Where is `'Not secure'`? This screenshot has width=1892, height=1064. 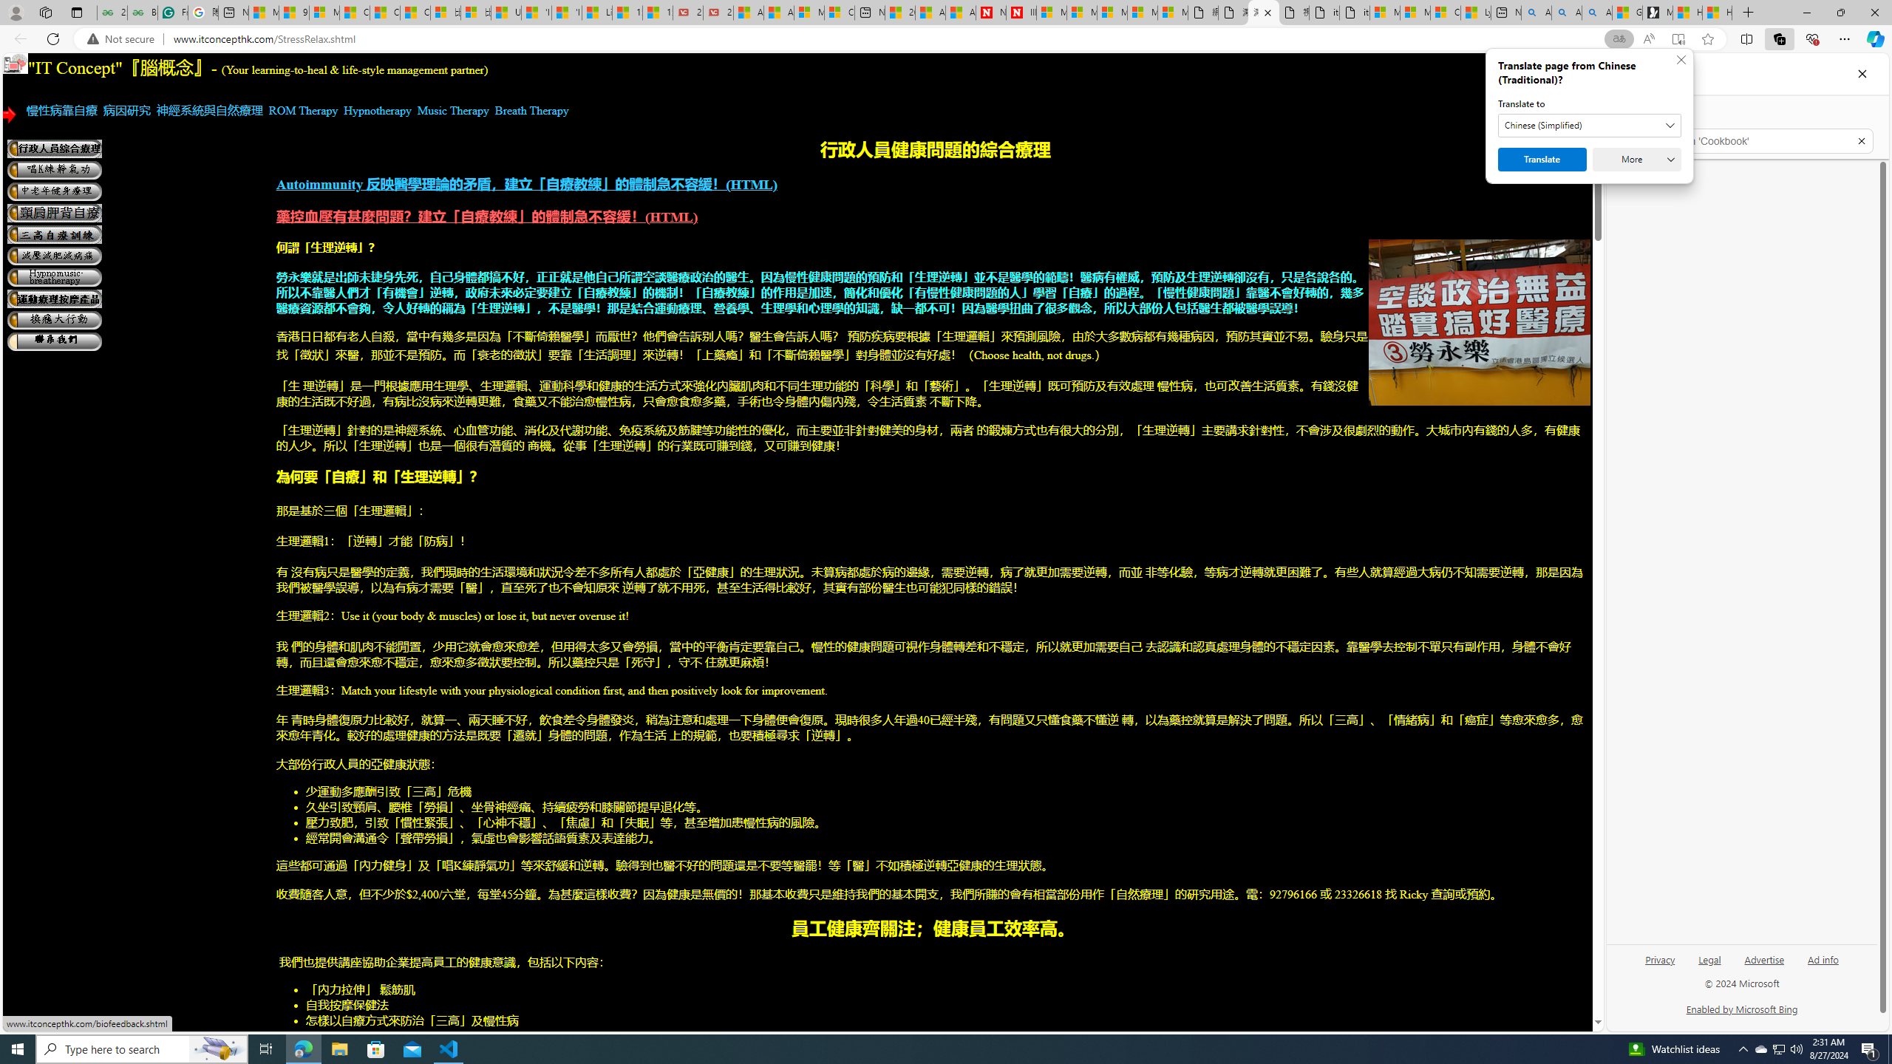 'Not secure' is located at coordinates (123, 39).